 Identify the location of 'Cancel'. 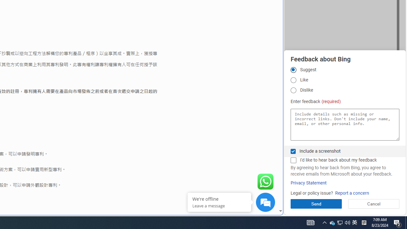
(374, 204).